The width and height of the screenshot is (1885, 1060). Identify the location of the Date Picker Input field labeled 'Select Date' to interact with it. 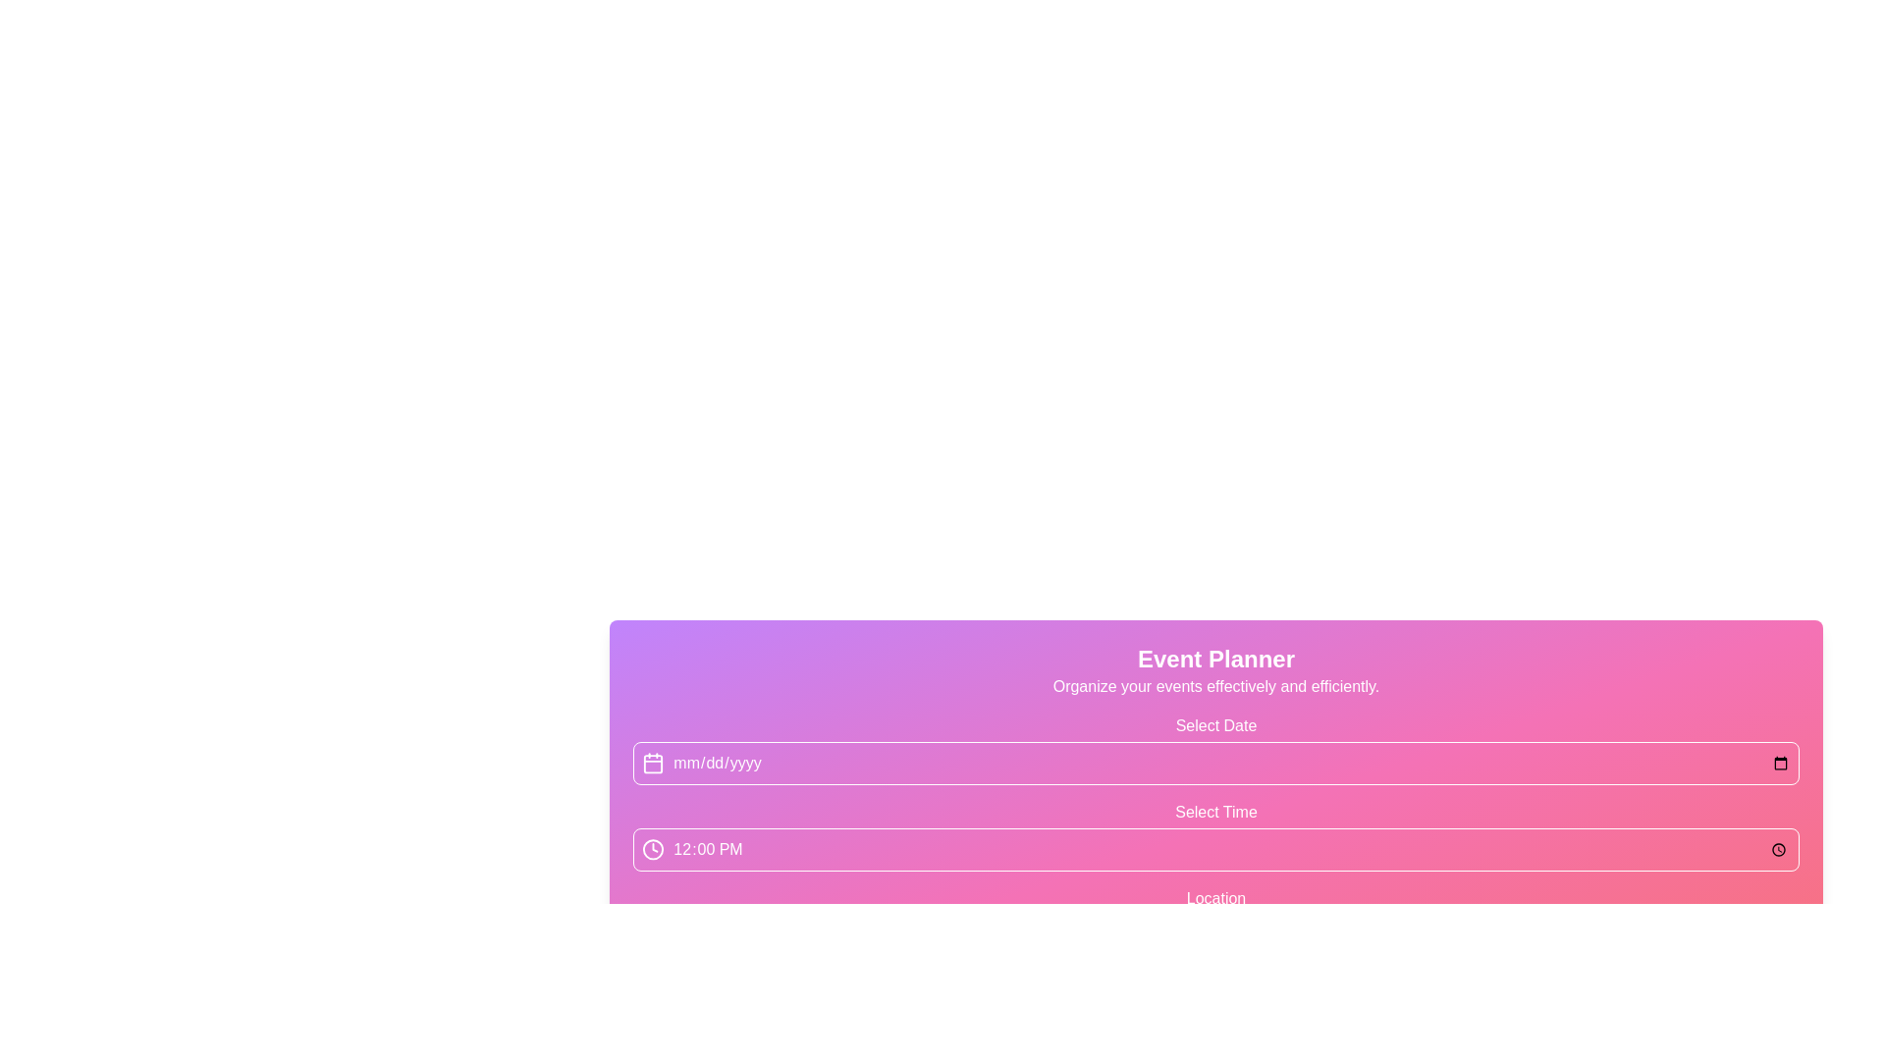
(1214, 749).